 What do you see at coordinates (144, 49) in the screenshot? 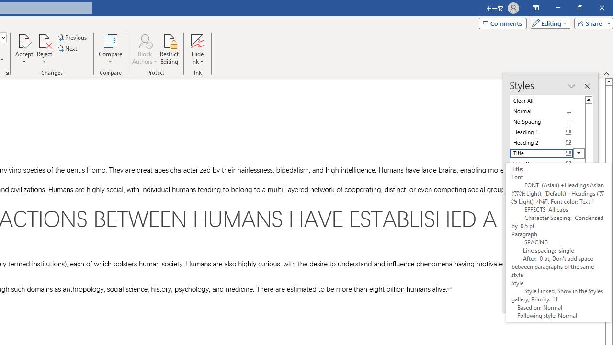
I see `'Block Authors'` at bounding box center [144, 49].